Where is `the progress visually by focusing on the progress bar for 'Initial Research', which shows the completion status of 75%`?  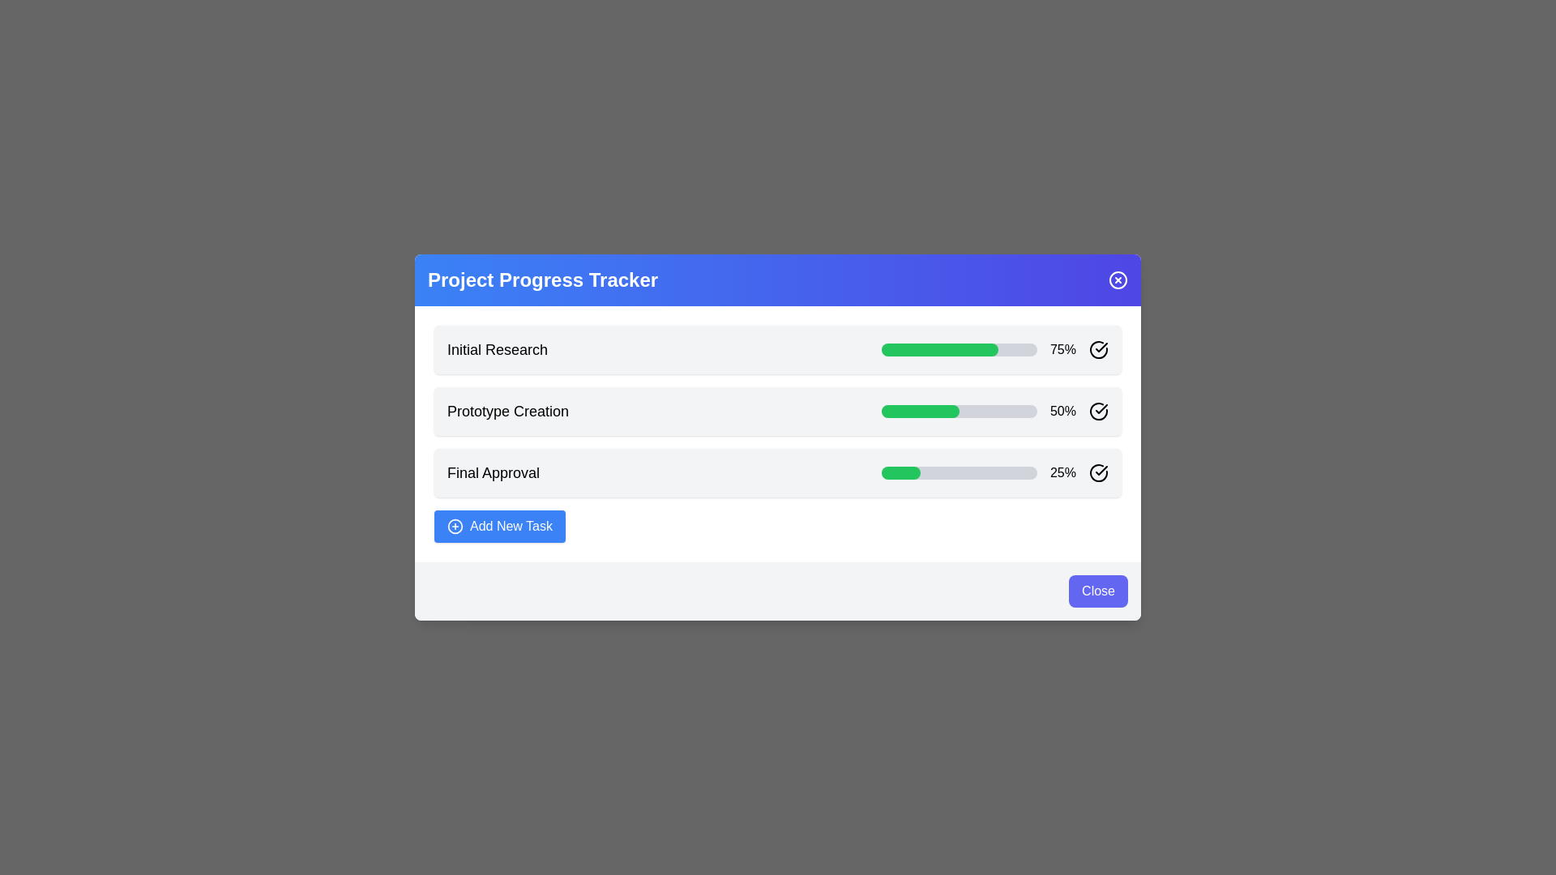
the progress visually by focusing on the progress bar for 'Initial Research', which shows the completion status of 75% is located at coordinates (960, 349).